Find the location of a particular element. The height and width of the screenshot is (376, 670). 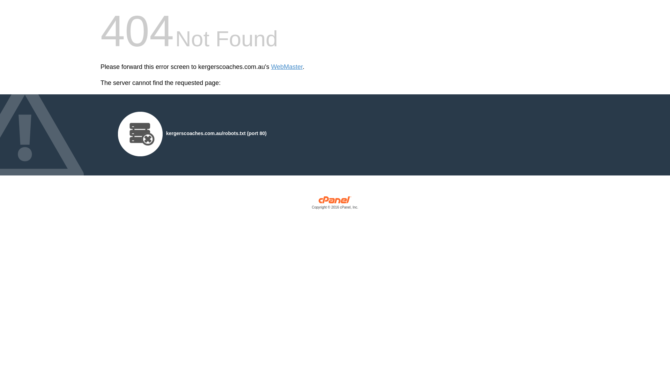

'WebMaster' is located at coordinates (287, 67).